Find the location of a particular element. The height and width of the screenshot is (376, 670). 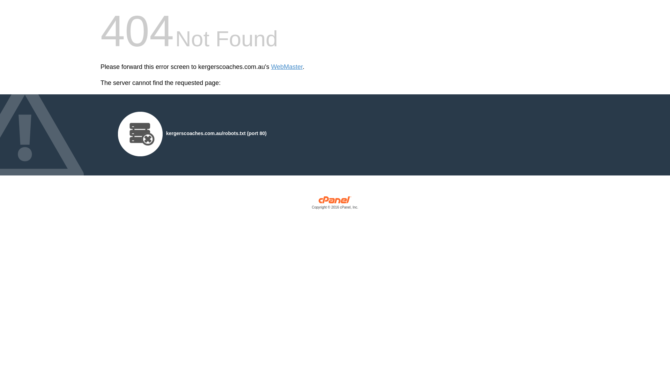

'WebMaster' is located at coordinates (287, 67).